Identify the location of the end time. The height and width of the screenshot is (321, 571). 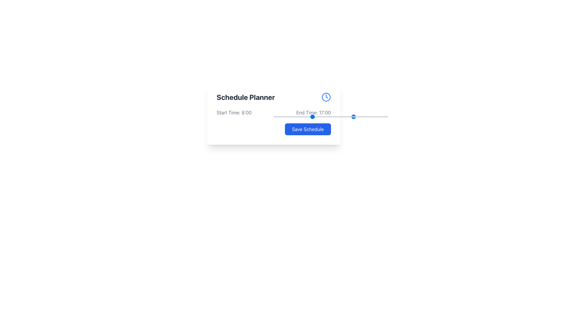
(340, 117).